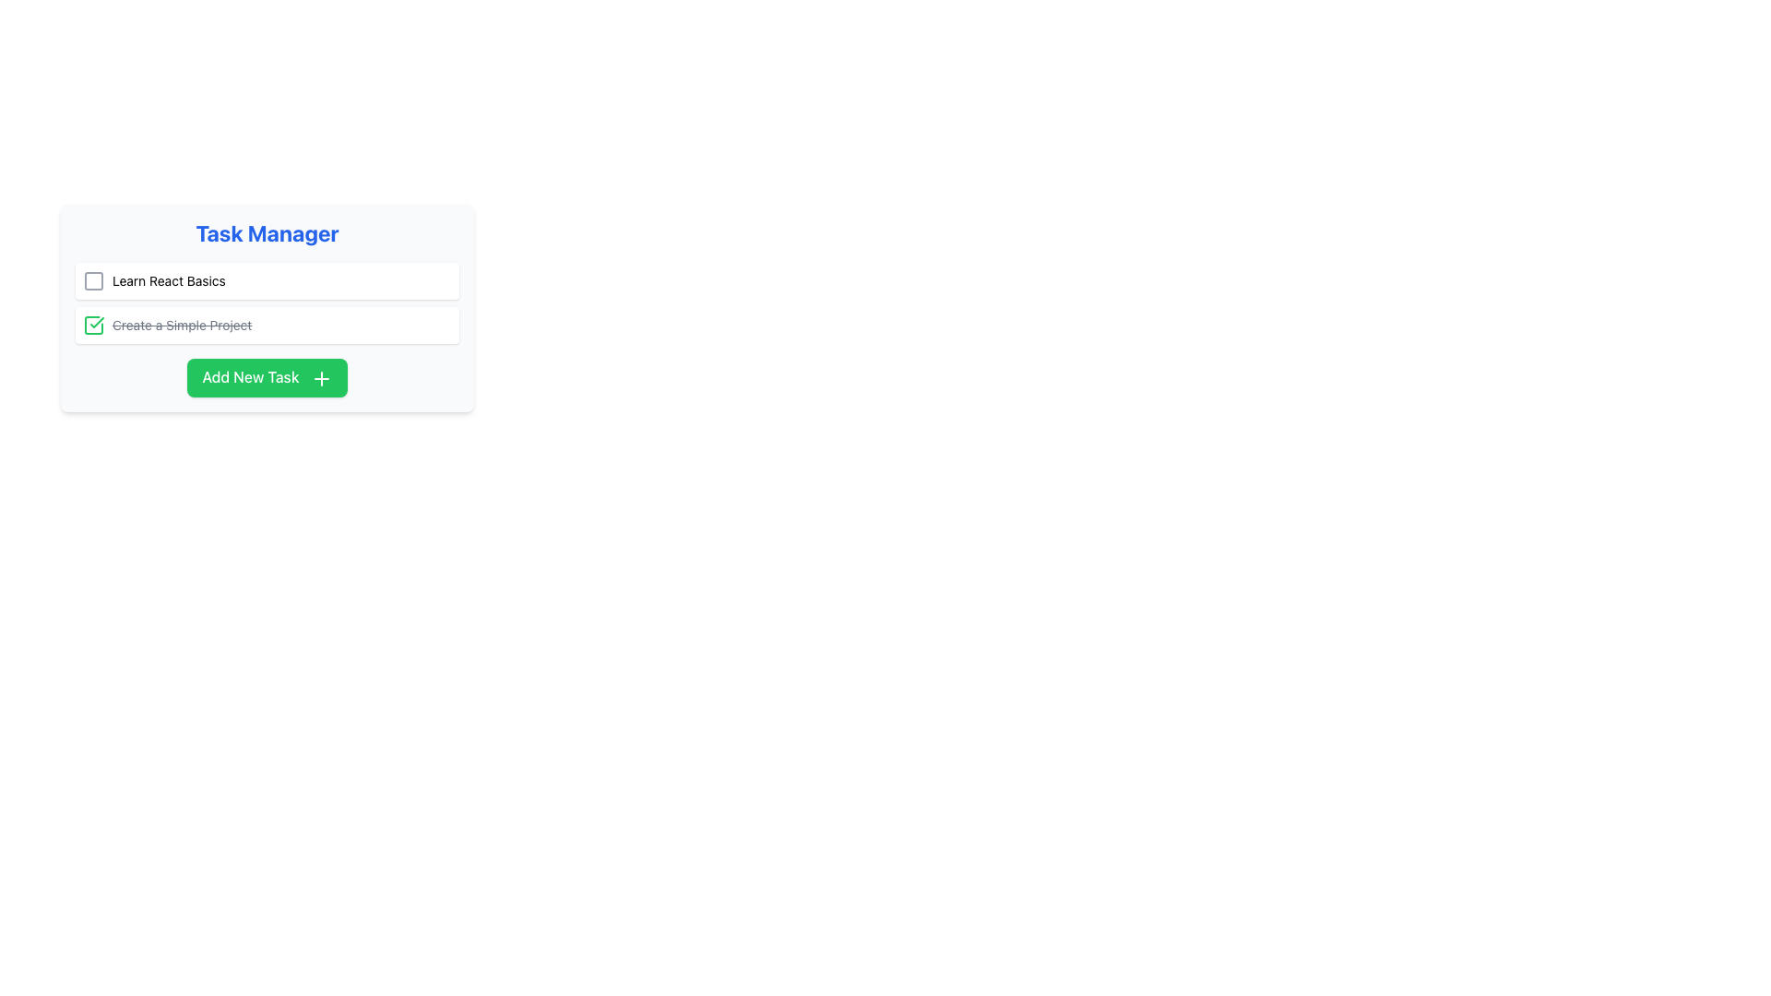 The height and width of the screenshot is (996, 1771). Describe the element at coordinates (167, 325) in the screenshot. I see `the green checkbox to update the status of the completed task labeled with strikethrough styling, which is the second task in the task manager under 'Task Manager'` at that location.